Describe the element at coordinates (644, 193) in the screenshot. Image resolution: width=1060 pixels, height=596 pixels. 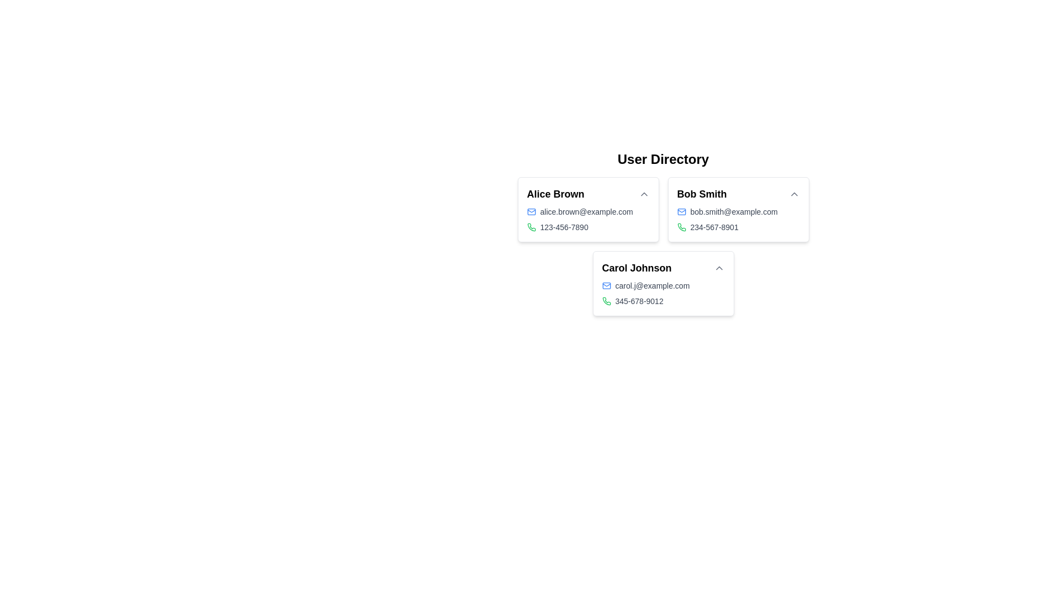
I see `the toggle control icon located in the upper-right corner of the 'Alice Brown' section, which is used for expanding or collapsing additional information` at that location.